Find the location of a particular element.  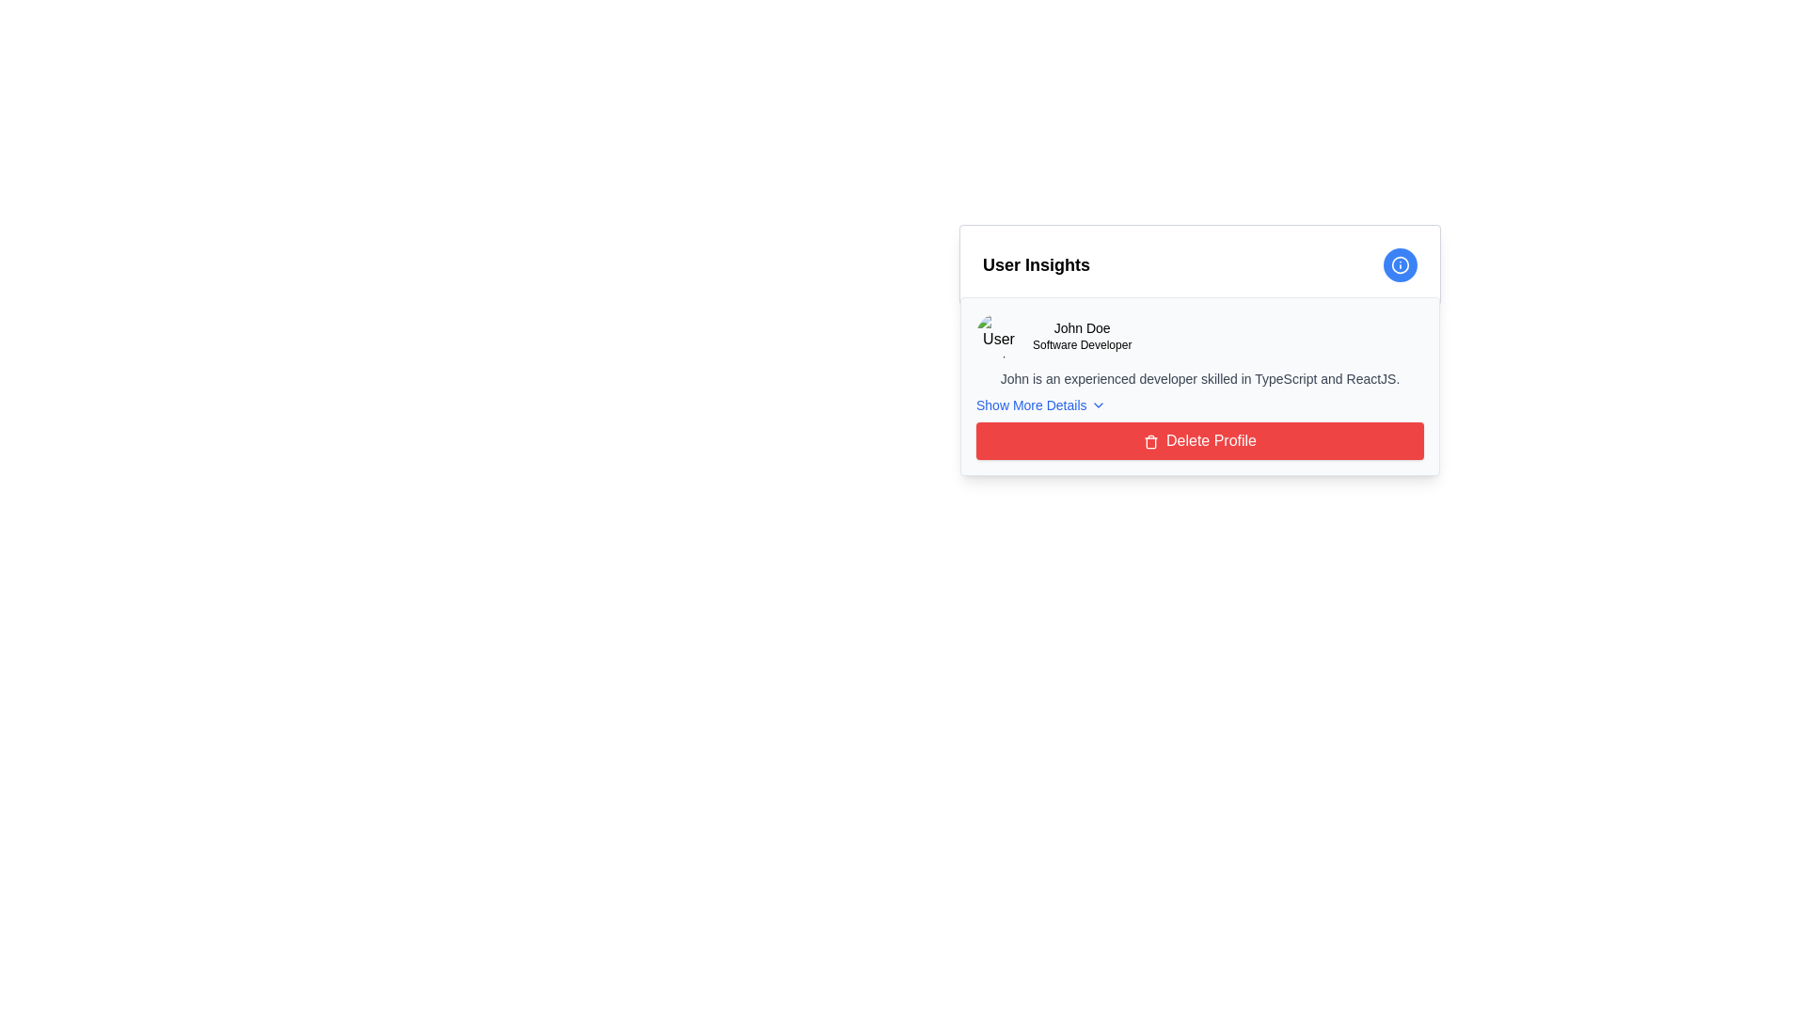

the Composite text element displaying 'John Doe' and 'Software Developer' is located at coordinates (1082, 335).